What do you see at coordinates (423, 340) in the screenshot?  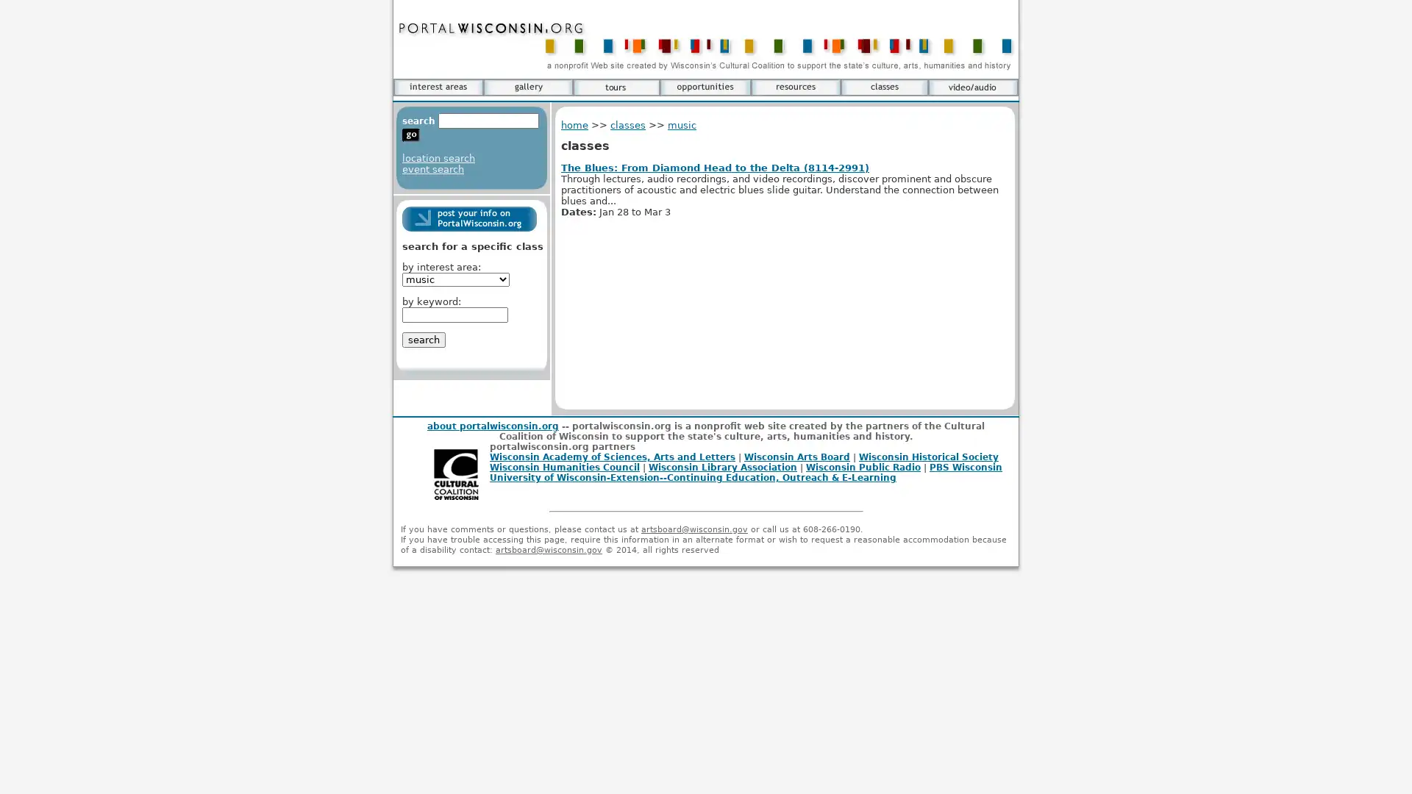 I see `search` at bounding box center [423, 340].